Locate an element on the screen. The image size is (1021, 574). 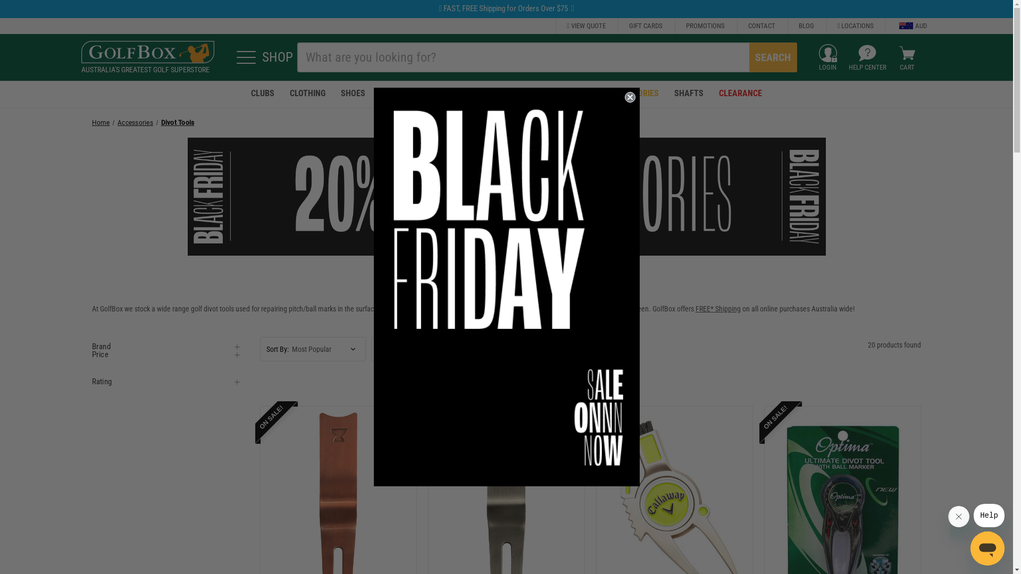
'TECHNOLOGY' is located at coordinates (568, 94).